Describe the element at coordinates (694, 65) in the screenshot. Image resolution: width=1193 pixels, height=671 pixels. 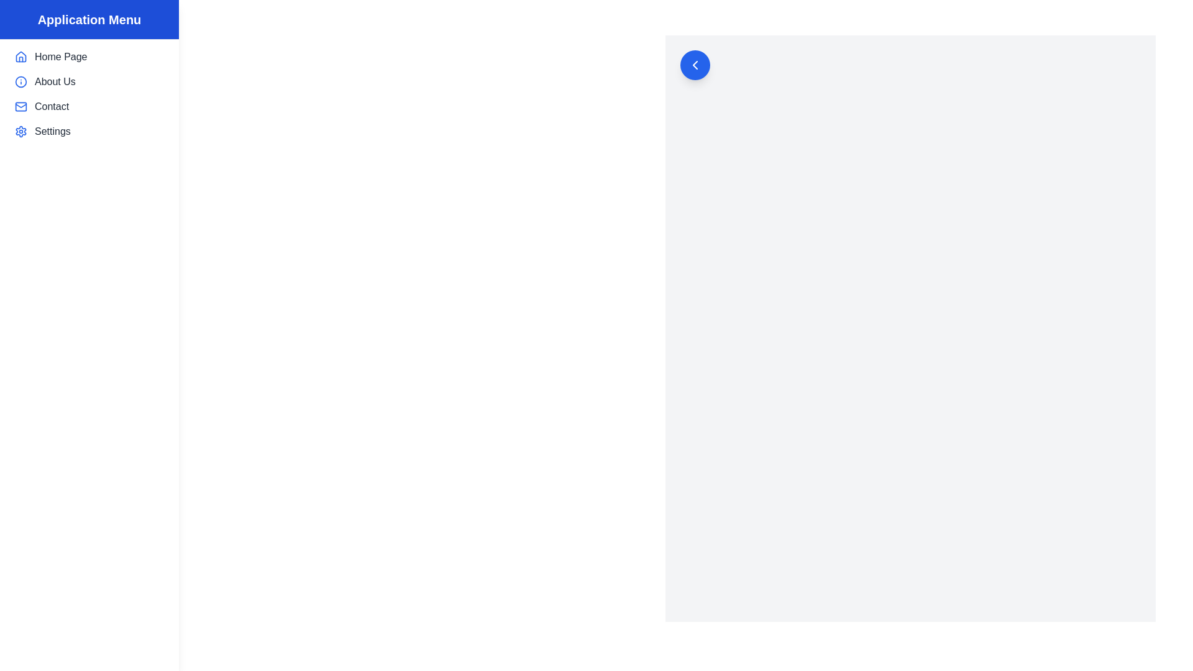
I see `the Chevron left icon located at the upper-right corner of the interface` at that location.